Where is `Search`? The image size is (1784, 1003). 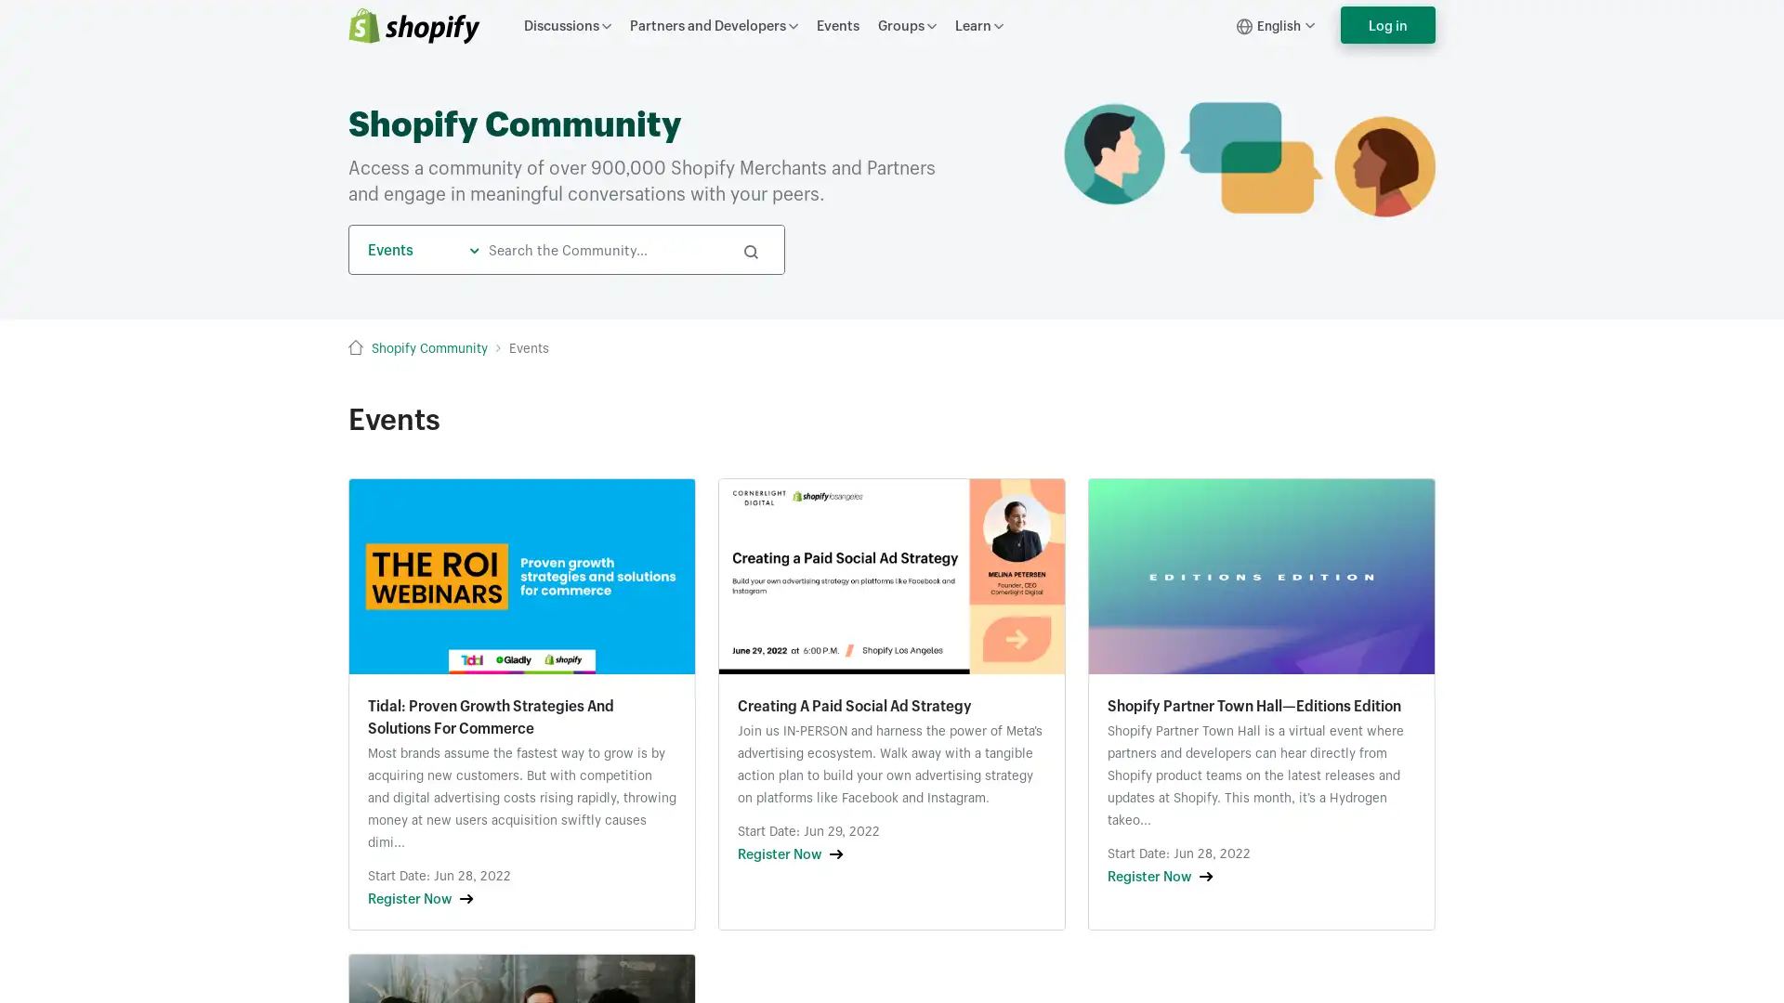 Search is located at coordinates (751, 251).